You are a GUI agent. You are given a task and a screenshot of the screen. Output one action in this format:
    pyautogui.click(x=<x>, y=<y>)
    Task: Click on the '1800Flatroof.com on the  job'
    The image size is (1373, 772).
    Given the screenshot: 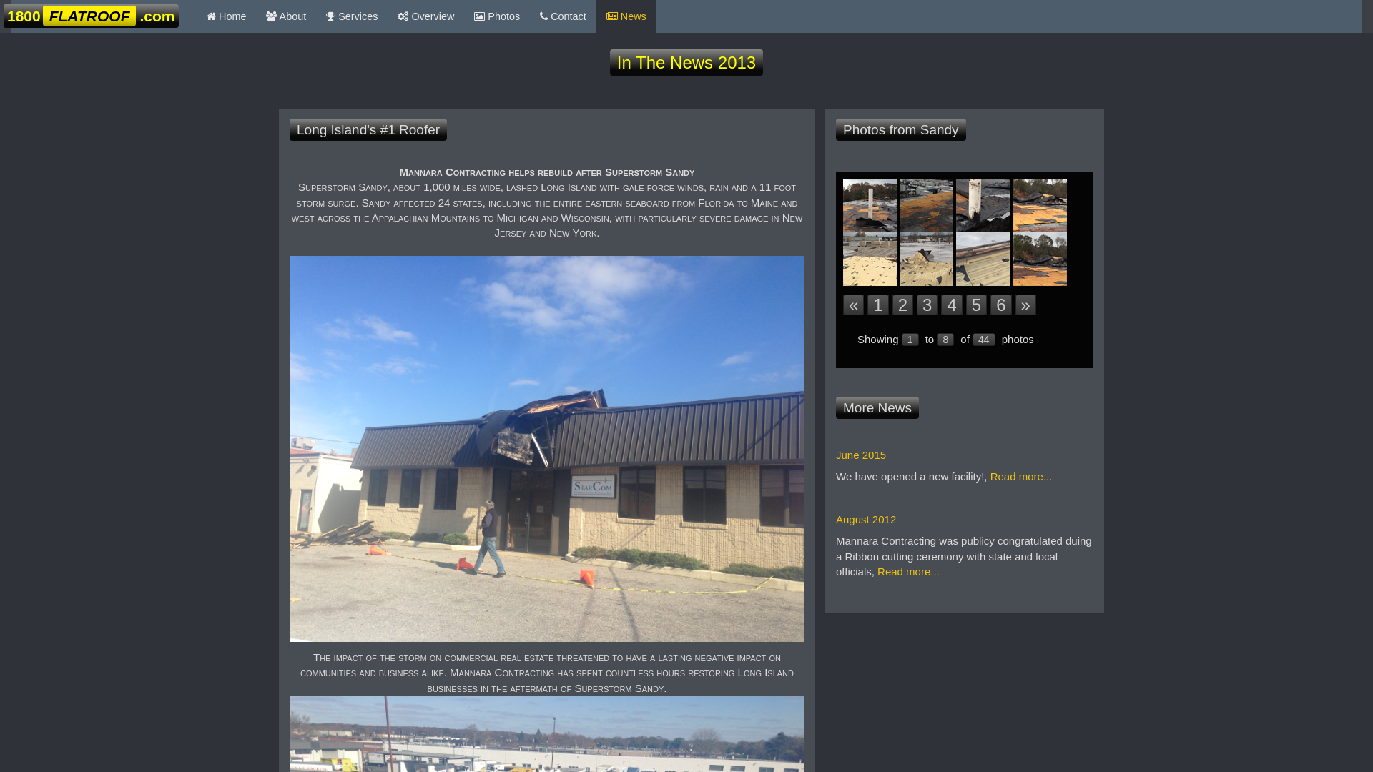 What is the action you would take?
    pyautogui.click(x=1012, y=257)
    